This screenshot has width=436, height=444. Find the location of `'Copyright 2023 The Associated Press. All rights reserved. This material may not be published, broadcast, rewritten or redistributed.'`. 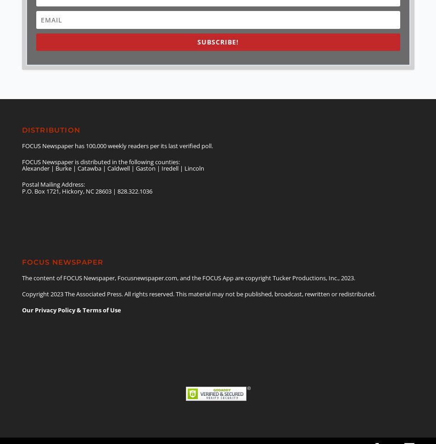

'Copyright 2023 The Associated Press. All rights reserved. This material may not be published, broadcast, rewritten or redistributed.' is located at coordinates (198, 294).